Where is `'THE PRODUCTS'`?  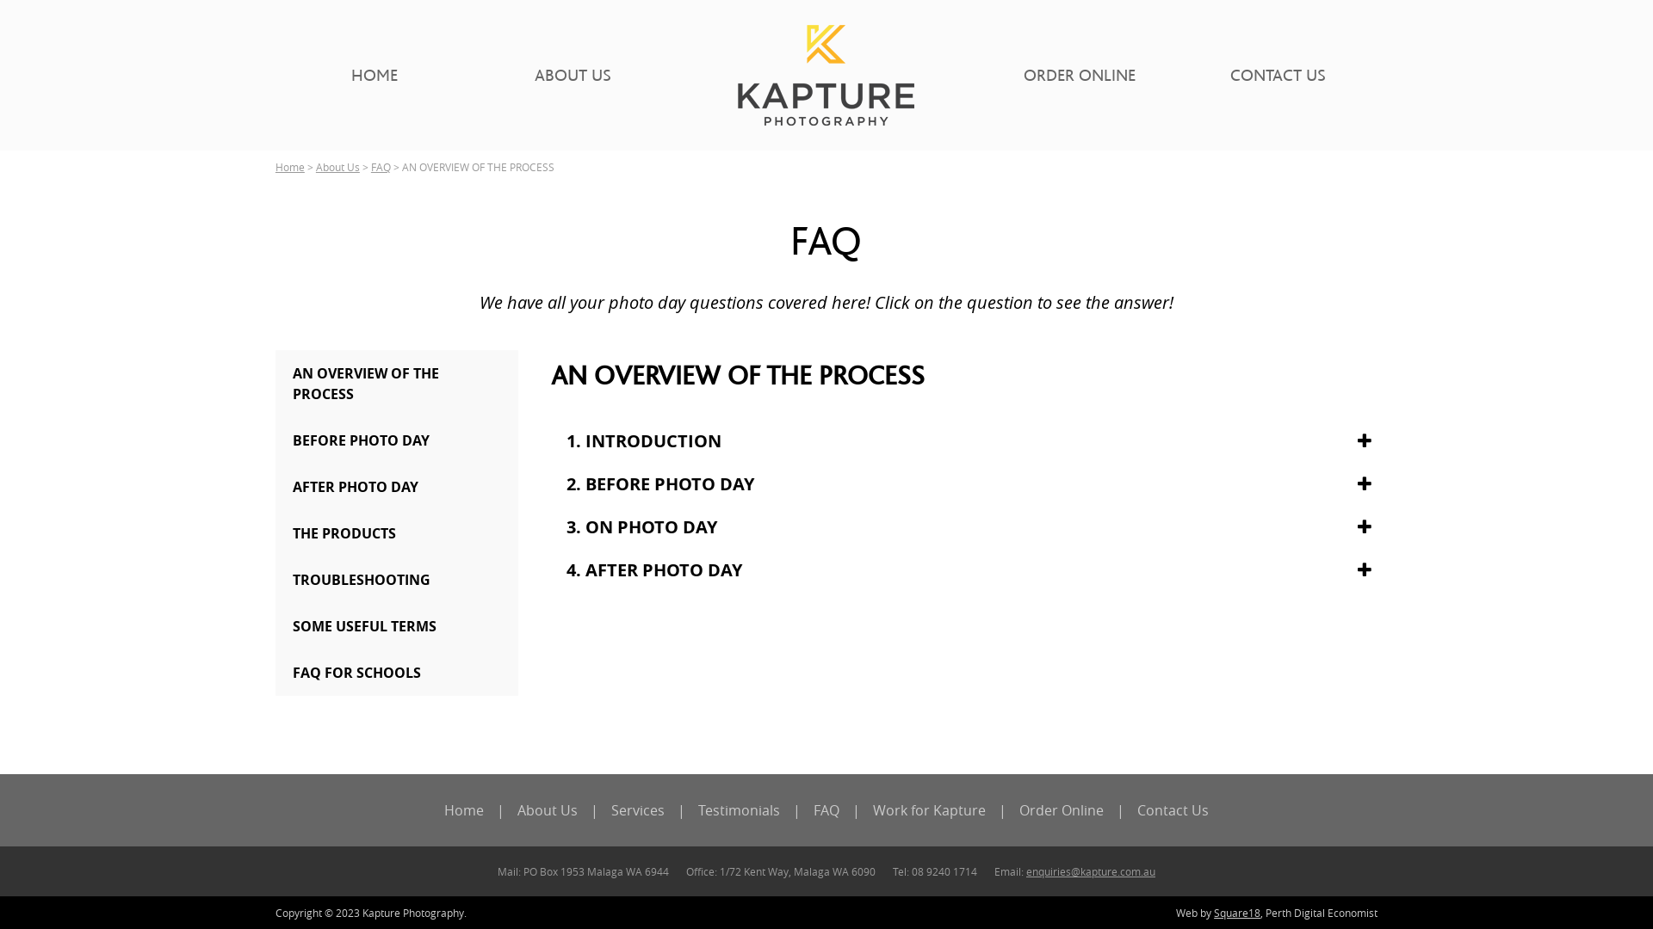 'THE PRODUCTS' is located at coordinates (395, 532).